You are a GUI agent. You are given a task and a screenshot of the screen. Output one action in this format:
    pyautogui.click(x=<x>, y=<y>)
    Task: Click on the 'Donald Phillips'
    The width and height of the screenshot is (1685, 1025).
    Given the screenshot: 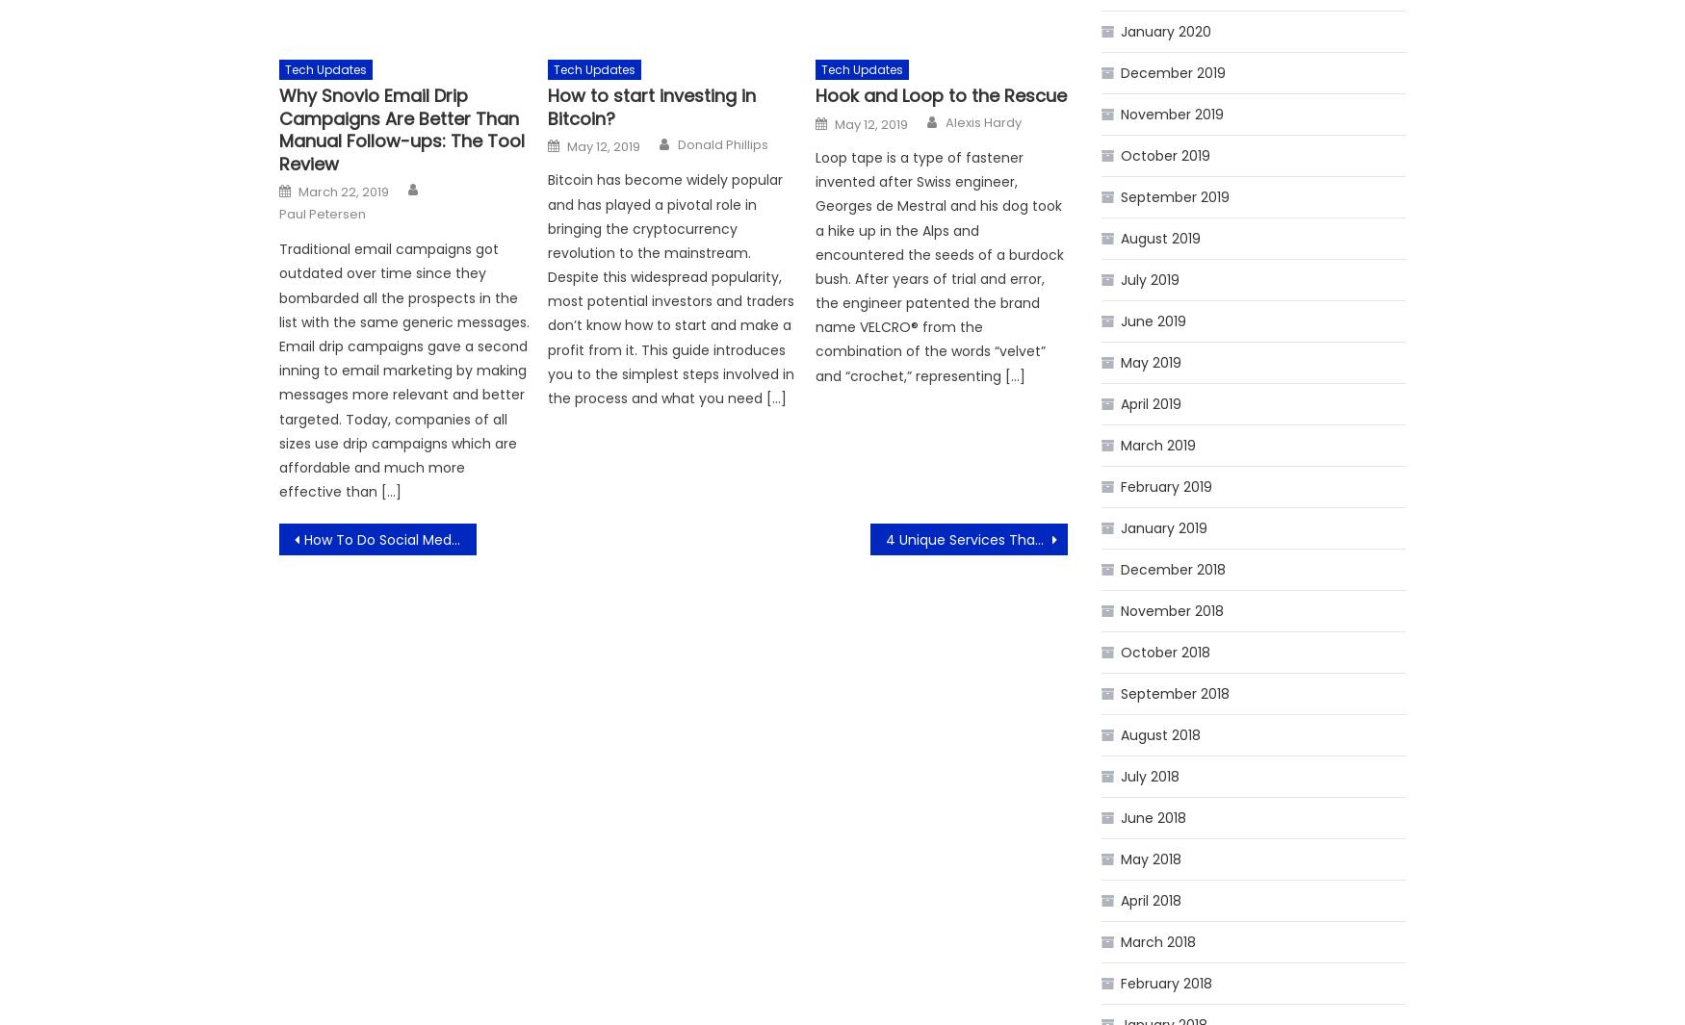 What is the action you would take?
    pyautogui.click(x=676, y=143)
    